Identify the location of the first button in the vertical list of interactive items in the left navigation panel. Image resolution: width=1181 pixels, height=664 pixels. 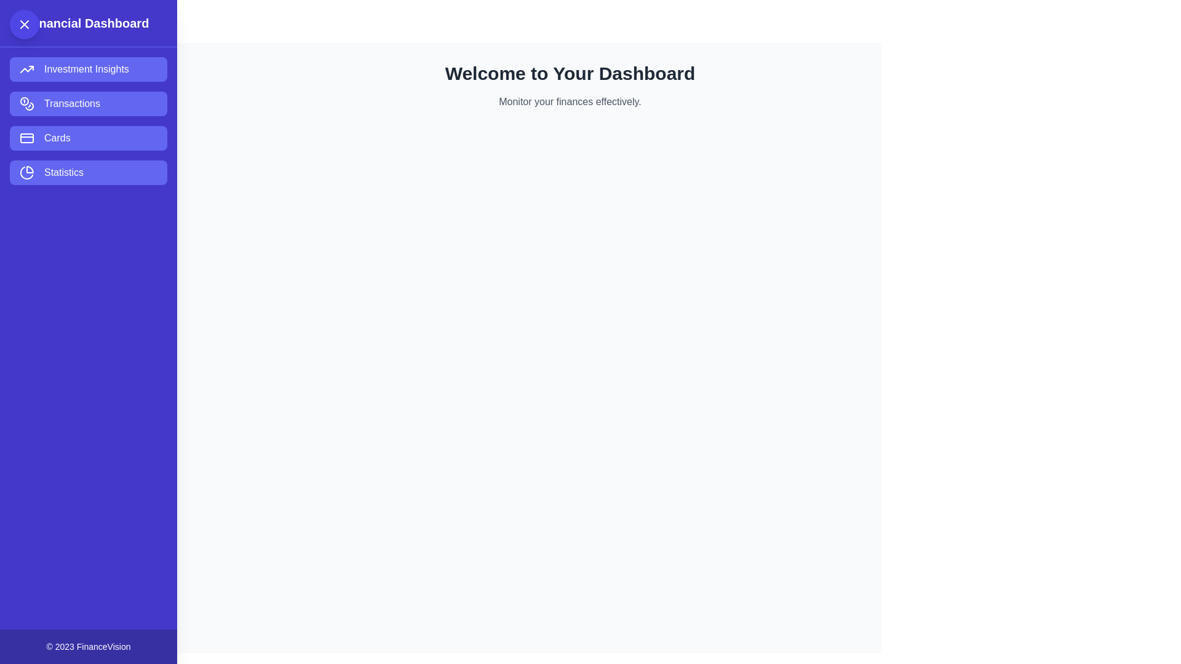
(88, 69).